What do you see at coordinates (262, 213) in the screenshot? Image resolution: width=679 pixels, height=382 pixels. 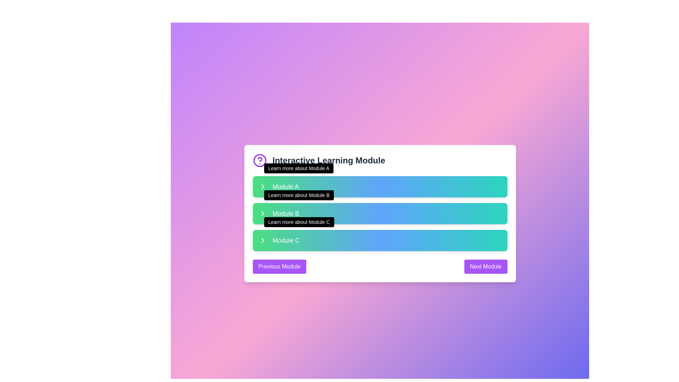 I see `the right-facing chevron icon on the button with a gradient background labeled 'Module B'` at bounding box center [262, 213].